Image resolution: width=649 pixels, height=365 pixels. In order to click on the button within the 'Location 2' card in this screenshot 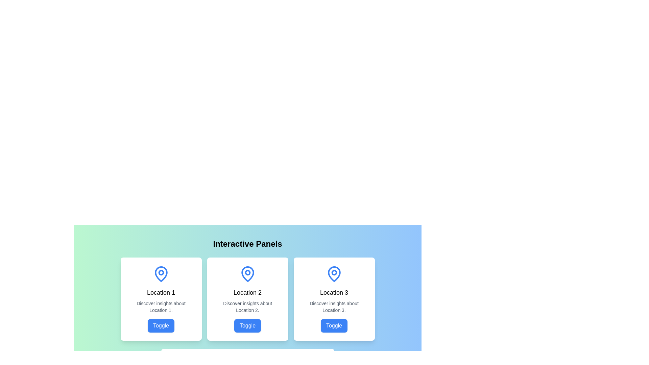, I will do `click(247, 325)`.